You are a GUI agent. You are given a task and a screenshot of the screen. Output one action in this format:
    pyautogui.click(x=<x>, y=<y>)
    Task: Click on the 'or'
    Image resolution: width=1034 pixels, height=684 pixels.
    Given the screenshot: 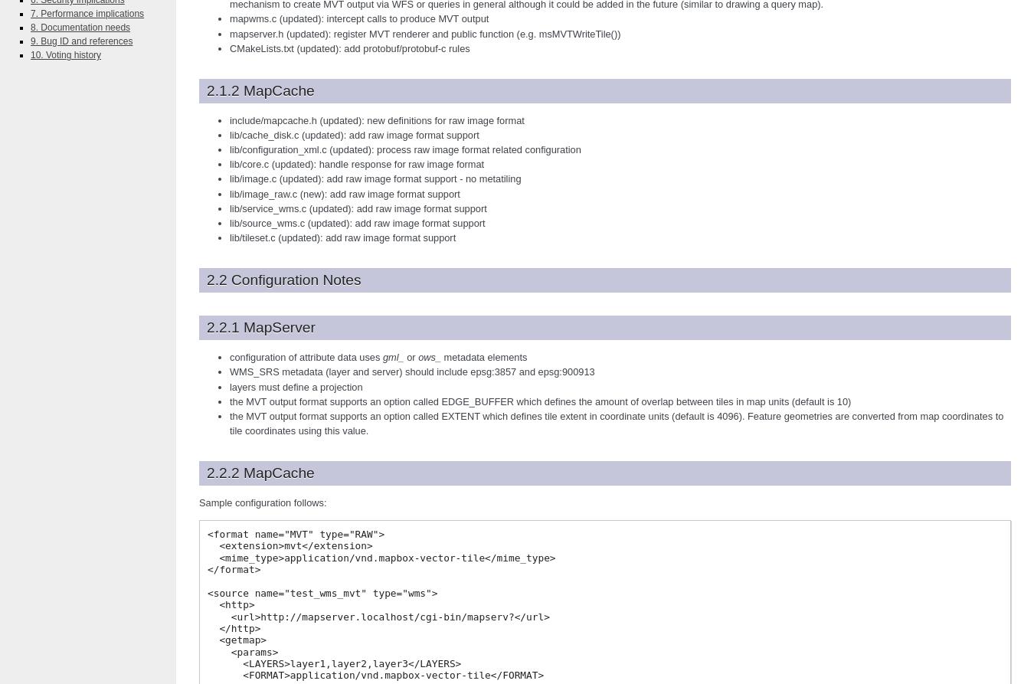 What is the action you would take?
    pyautogui.click(x=410, y=356)
    